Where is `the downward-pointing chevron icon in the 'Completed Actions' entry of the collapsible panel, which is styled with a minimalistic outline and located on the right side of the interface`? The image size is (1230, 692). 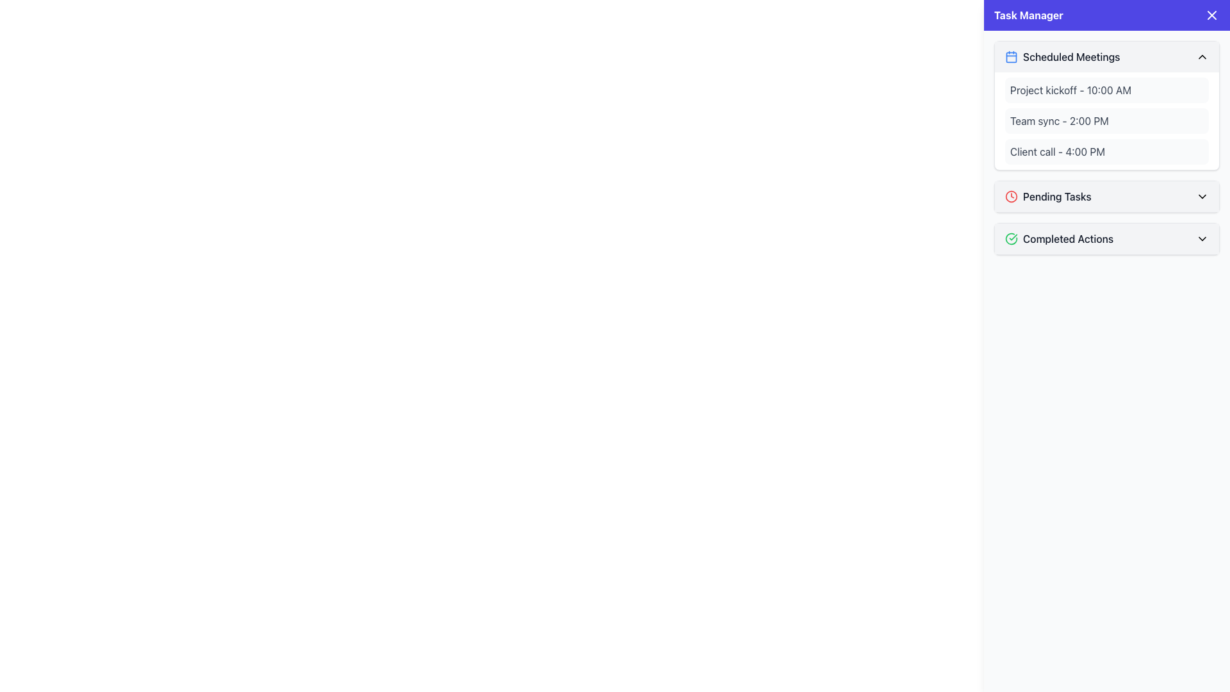
the downward-pointing chevron icon in the 'Completed Actions' entry of the collapsible panel, which is styled with a minimalistic outline and located on the right side of the interface is located at coordinates (1201, 239).